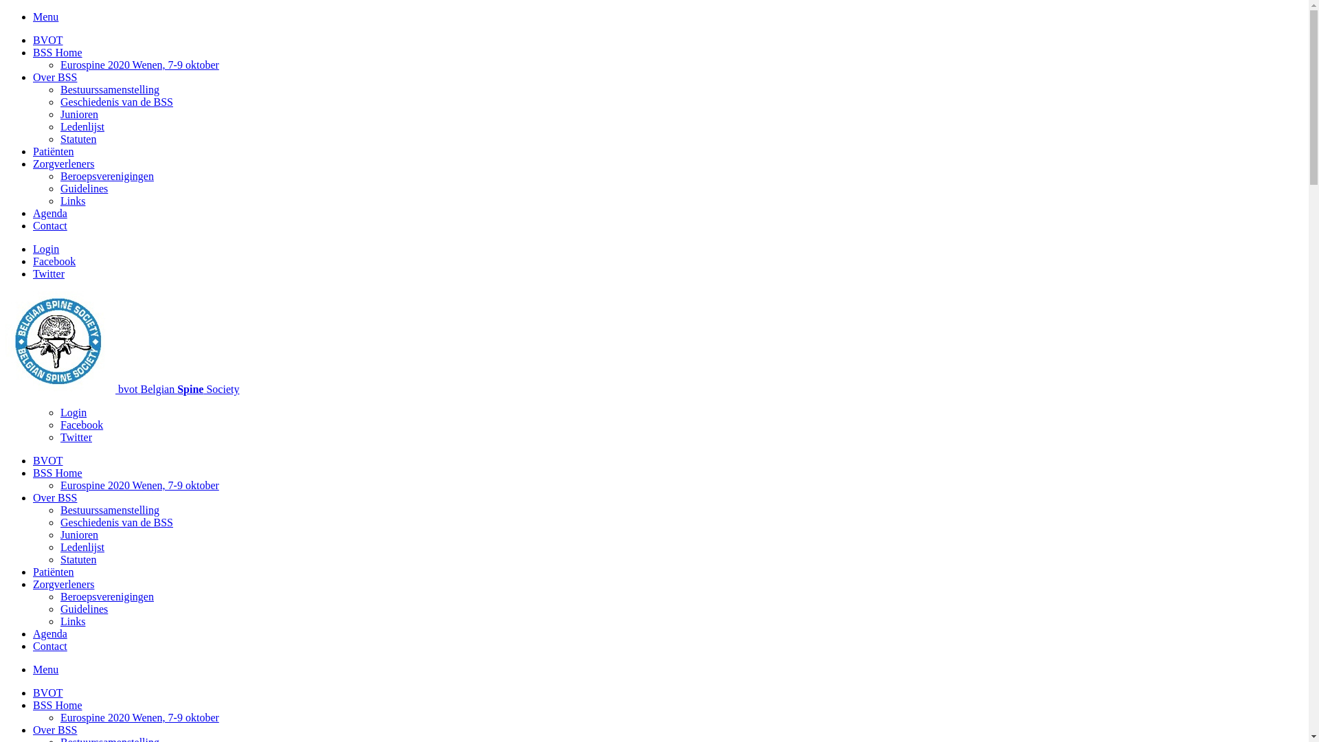 The image size is (1319, 742). Describe the element at coordinates (83, 608) in the screenshot. I see `'Guidelines'` at that location.